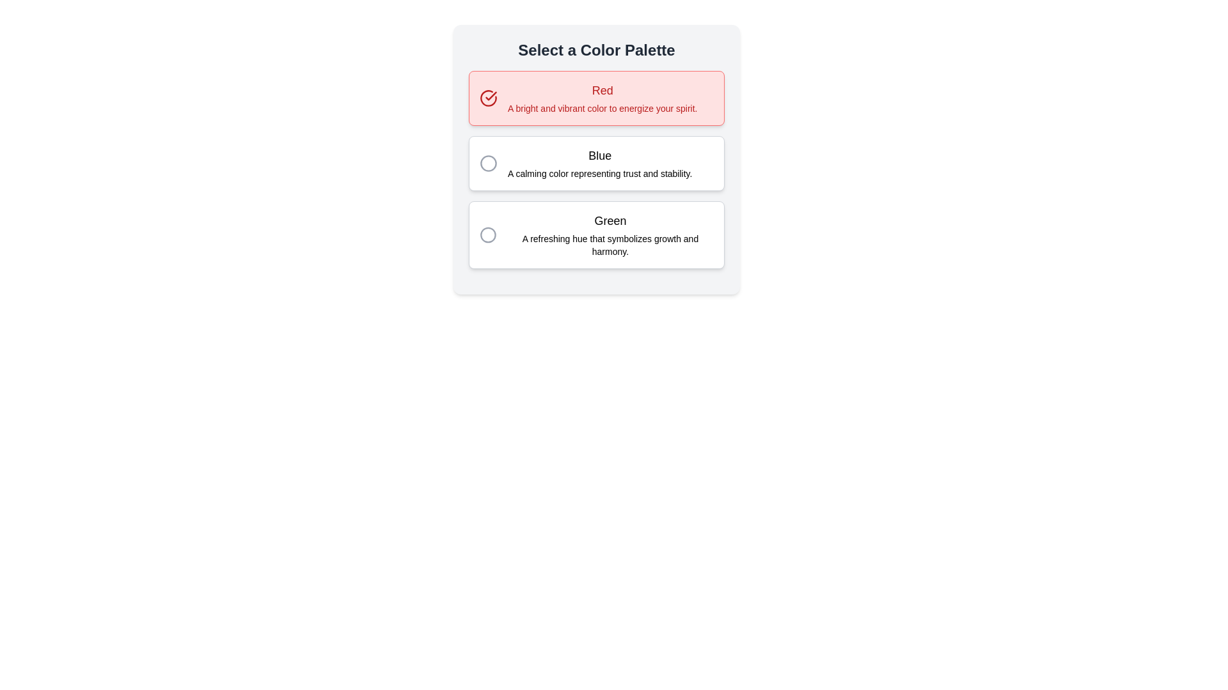  What do you see at coordinates (487, 234) in the screenshot?
I see `the circular checkbox with a gray border and white interior located within the green selection box, which is the last option in a list of three color selection options` at bounding box center [487, 234].